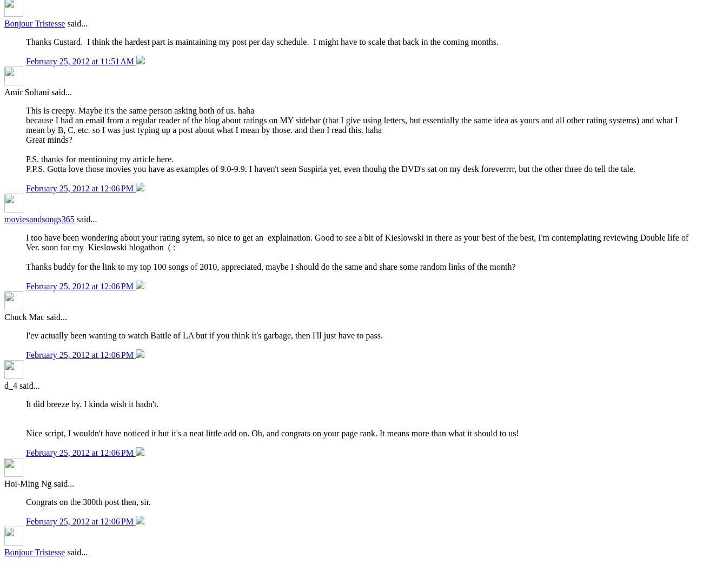 The height and width of the screenshot is (565, 703). What do you see at coordinates (270, 266) in the screenshot?
I see `'Thanks buddy for the link to my top 100 songs of 2010, appreciated, maybe I should do the same and share some random links of the month?'` at bounding box center [270, 266].